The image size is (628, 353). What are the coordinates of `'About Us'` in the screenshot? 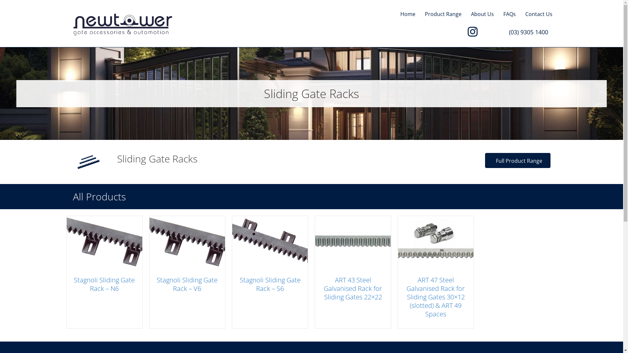 It's located at (482, 14).